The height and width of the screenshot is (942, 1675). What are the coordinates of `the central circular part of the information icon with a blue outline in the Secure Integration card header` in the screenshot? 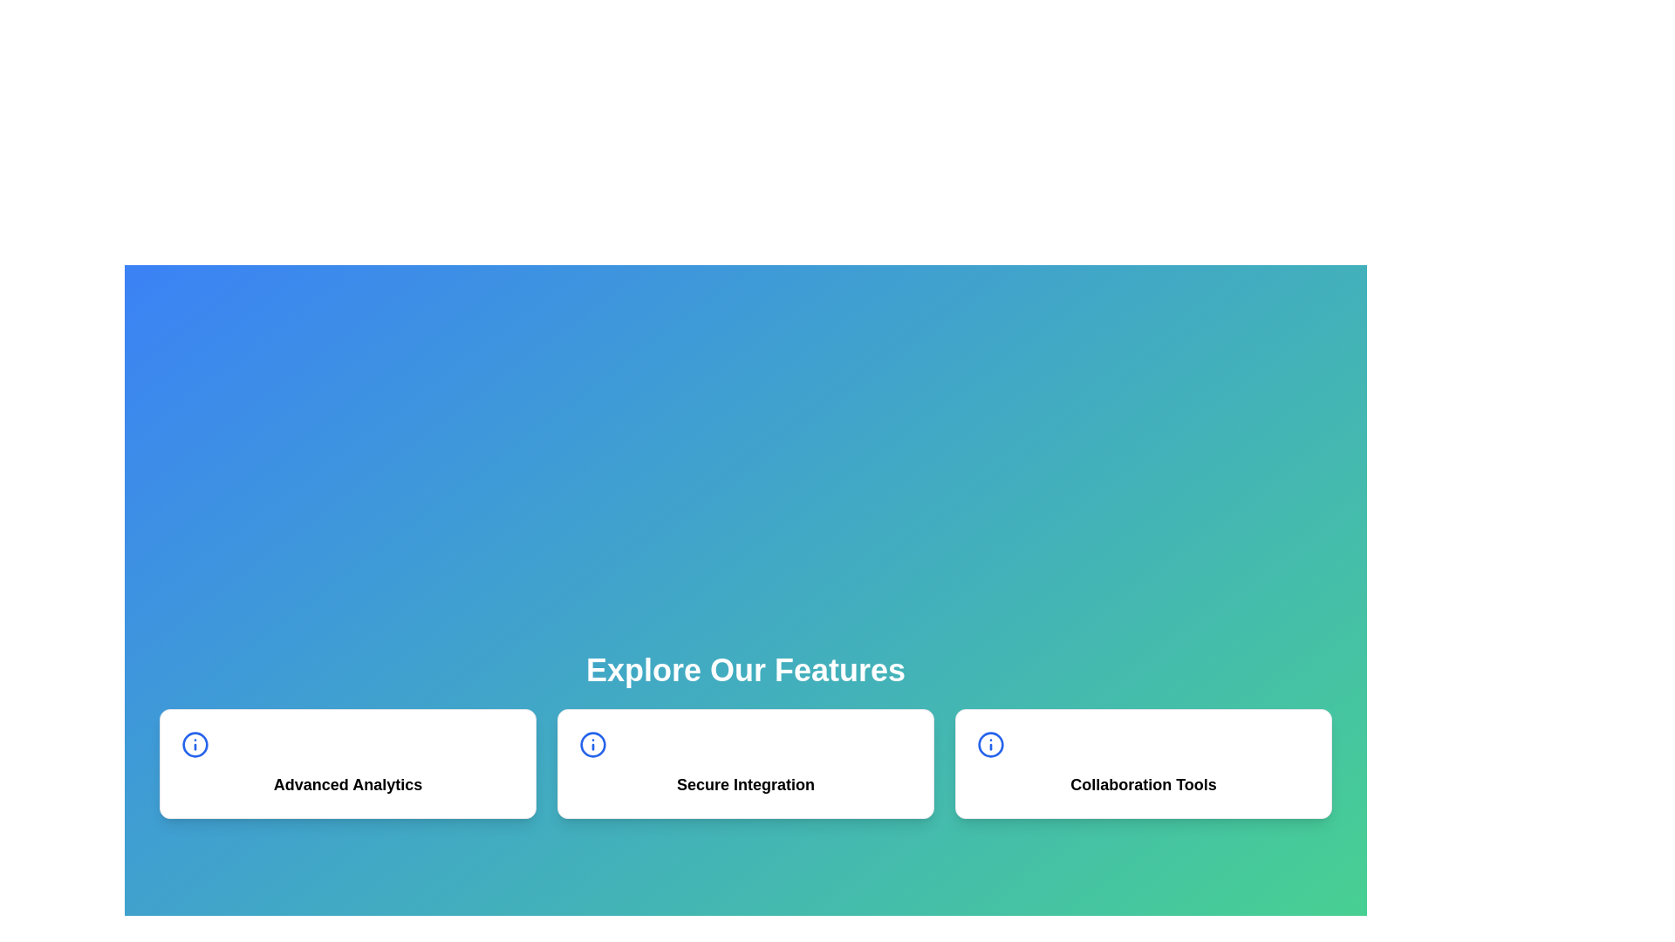 It's located at (593, 744).